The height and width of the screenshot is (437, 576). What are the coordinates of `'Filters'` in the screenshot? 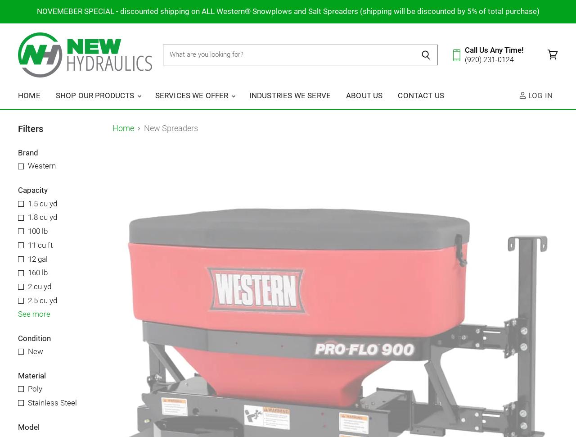 It's located at (30, 128).